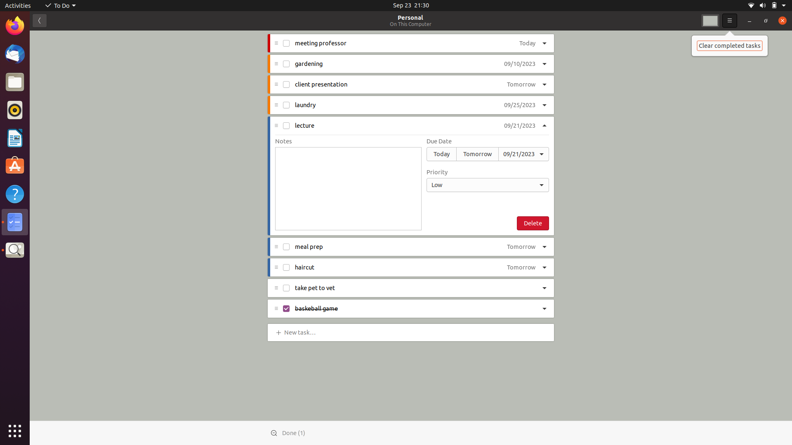  What do you see at coordinates (286, 309) in the screenshot?
I see `Finish the checkbox task for baseball game` at bounding box center [286, 309].